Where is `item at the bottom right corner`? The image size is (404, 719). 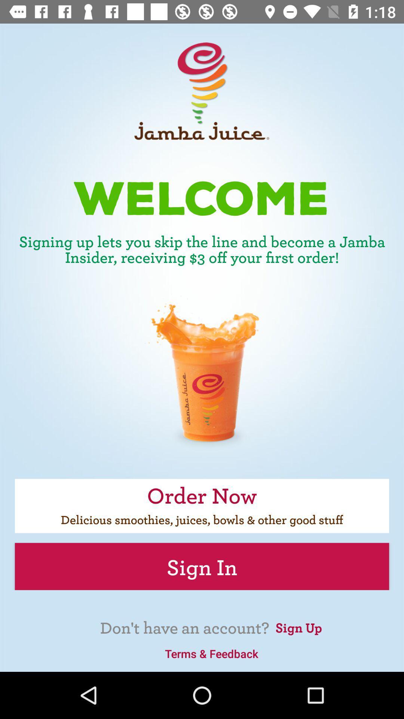
item at the bottom right corner is located at coordinates (298, 627).